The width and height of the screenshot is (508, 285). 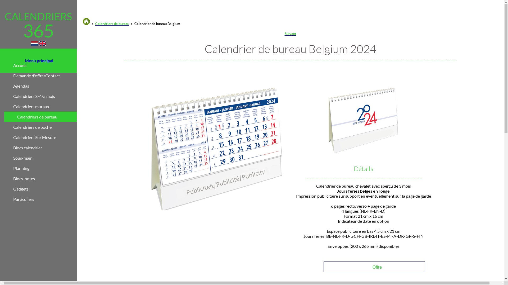 What do you see at coordinates (45, 75) in the screenshot?
I see `'Demande d'offre/Contact'` at bounding box center [45, 75].